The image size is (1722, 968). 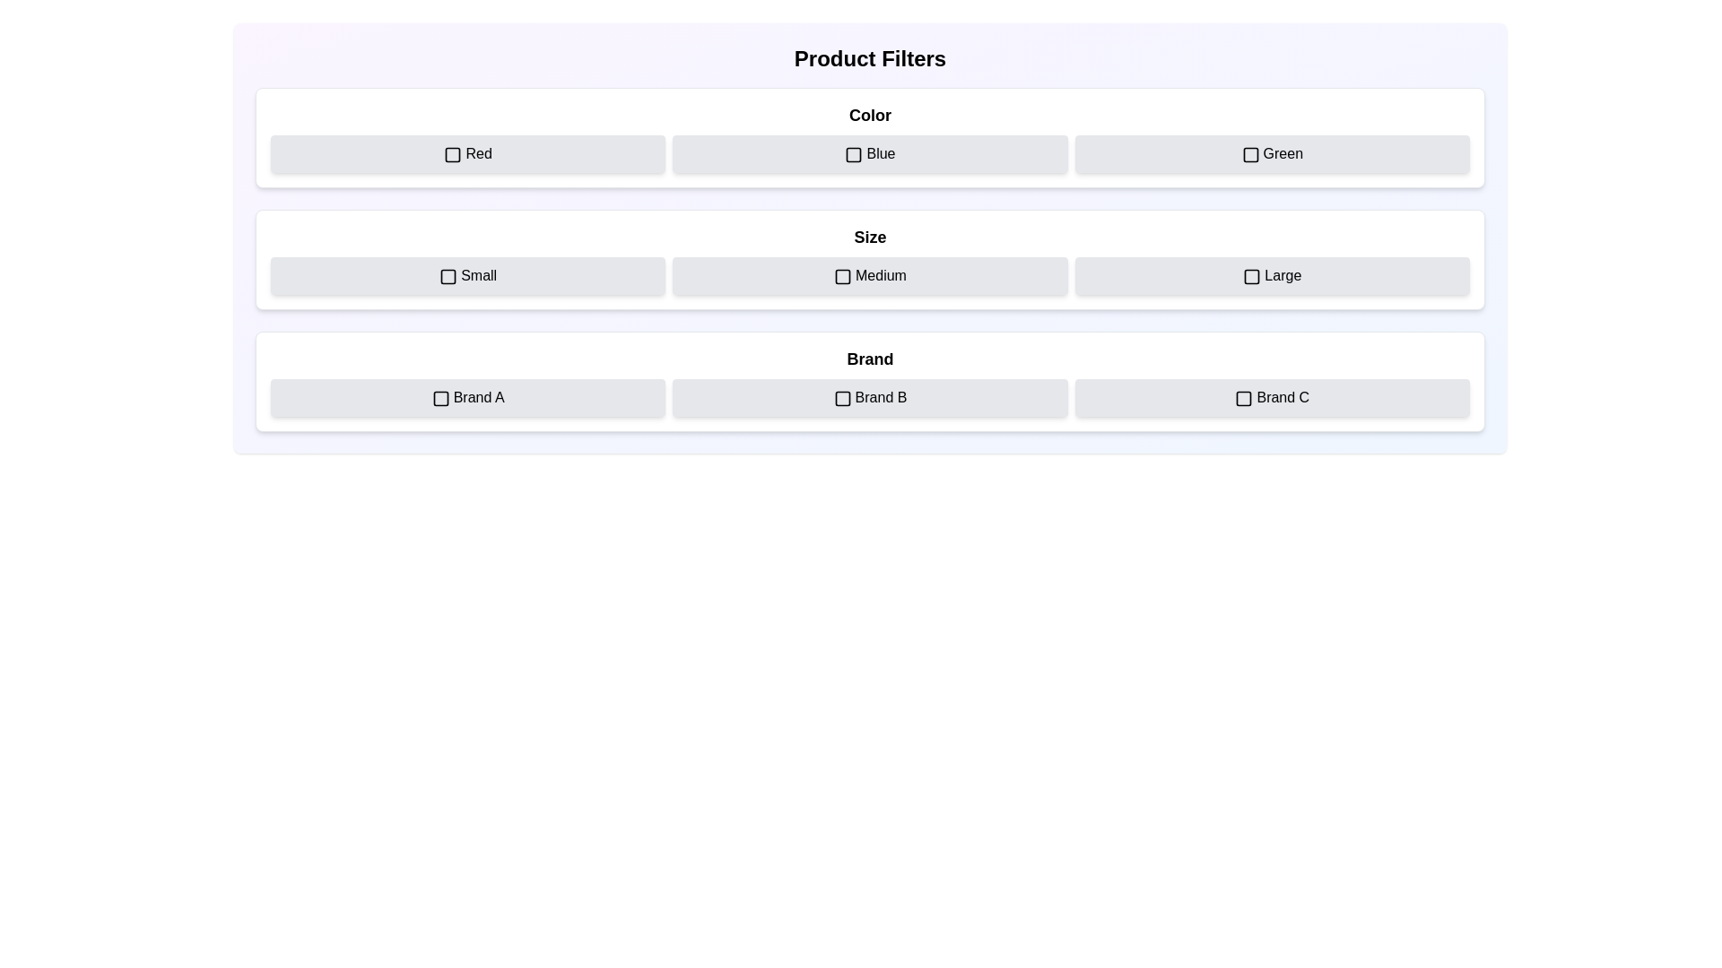 What do you see at coordinates (870, 396) in the screenshot?
I see `the buttons in the Button Group with Labels located in the 'Brand' section, below the 'Size' section` at bounding box center [870, 396].